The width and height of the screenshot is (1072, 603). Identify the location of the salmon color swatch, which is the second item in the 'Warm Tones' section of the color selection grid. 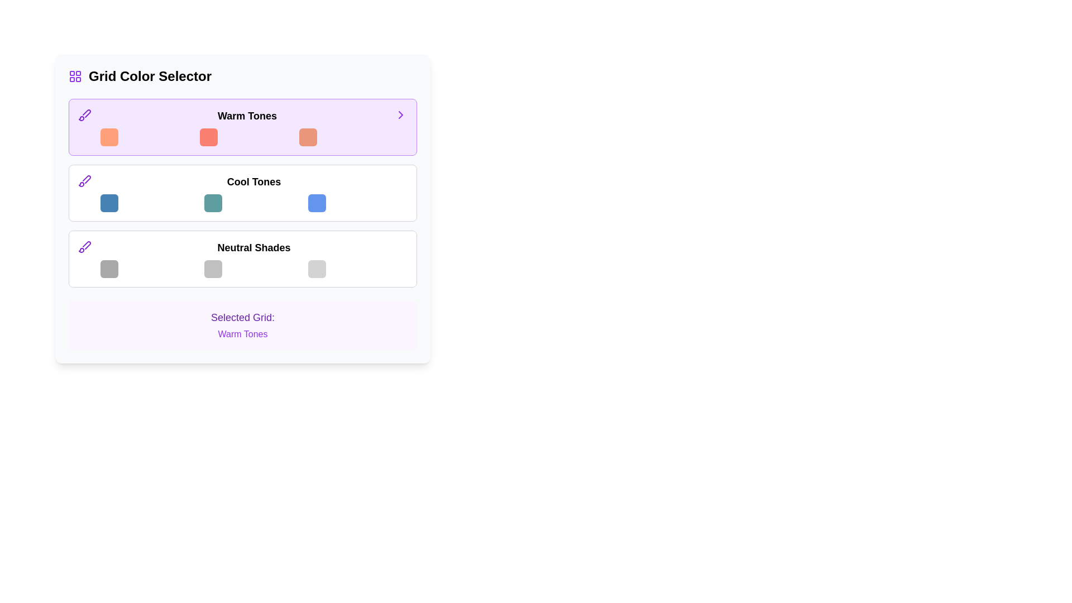
(209, 137).